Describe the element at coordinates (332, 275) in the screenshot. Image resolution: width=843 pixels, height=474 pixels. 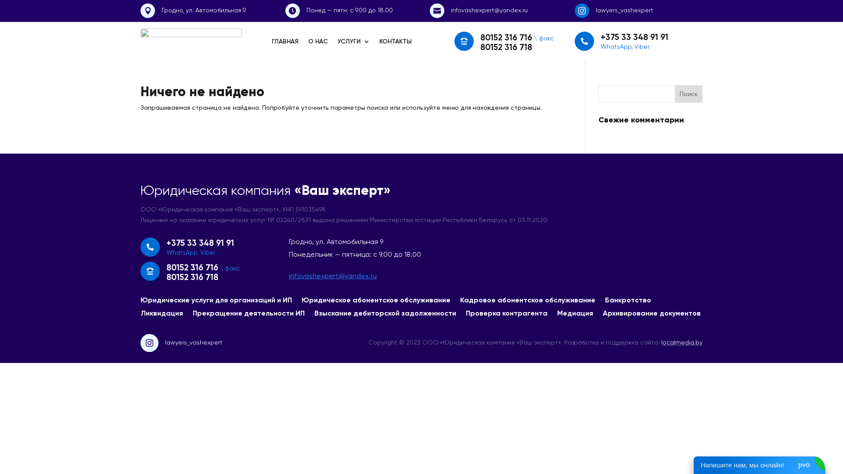
I see `'infovashexpert@yandex.ru'` at that location.